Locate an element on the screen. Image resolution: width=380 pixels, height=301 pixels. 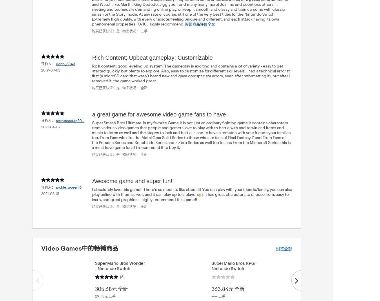
'Super Smash Bros Ultimate. is my favorite Game it is not just an ordinary fighting game it contains characters from various video games that people and gamers love to play with to battle with and to win and items and music to listen as well and the stages to look and battle in and to have a rematch with your friends your families too. From Fans who like the Metal Gear Solid Series to those who are fans of Final Fantasy 7 and From Fans of the Persona Series and Xenoblade Series and F Zero Series as well too to fans From the Minecraft Series this is a must have game for all i recommend it to buy it.' is located at coordinates (191, 135).